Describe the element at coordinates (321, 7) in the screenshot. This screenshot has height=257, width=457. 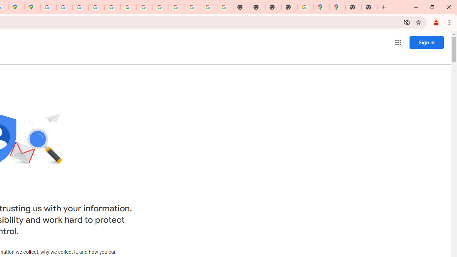
I see `'Google Maps'` at that location.